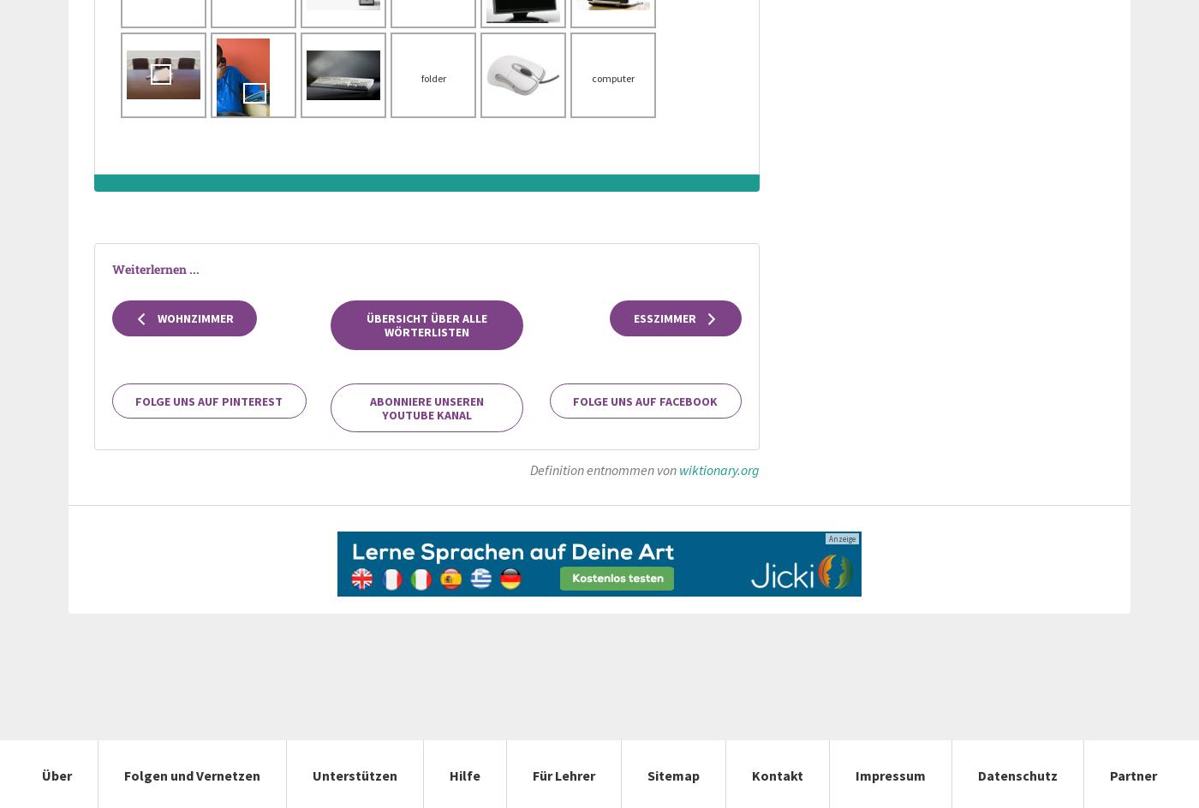 The image size is (1199, 808). Describe the element at coordinates (465, 774) in the screenshot. I see `'Hilfe'` at that location.